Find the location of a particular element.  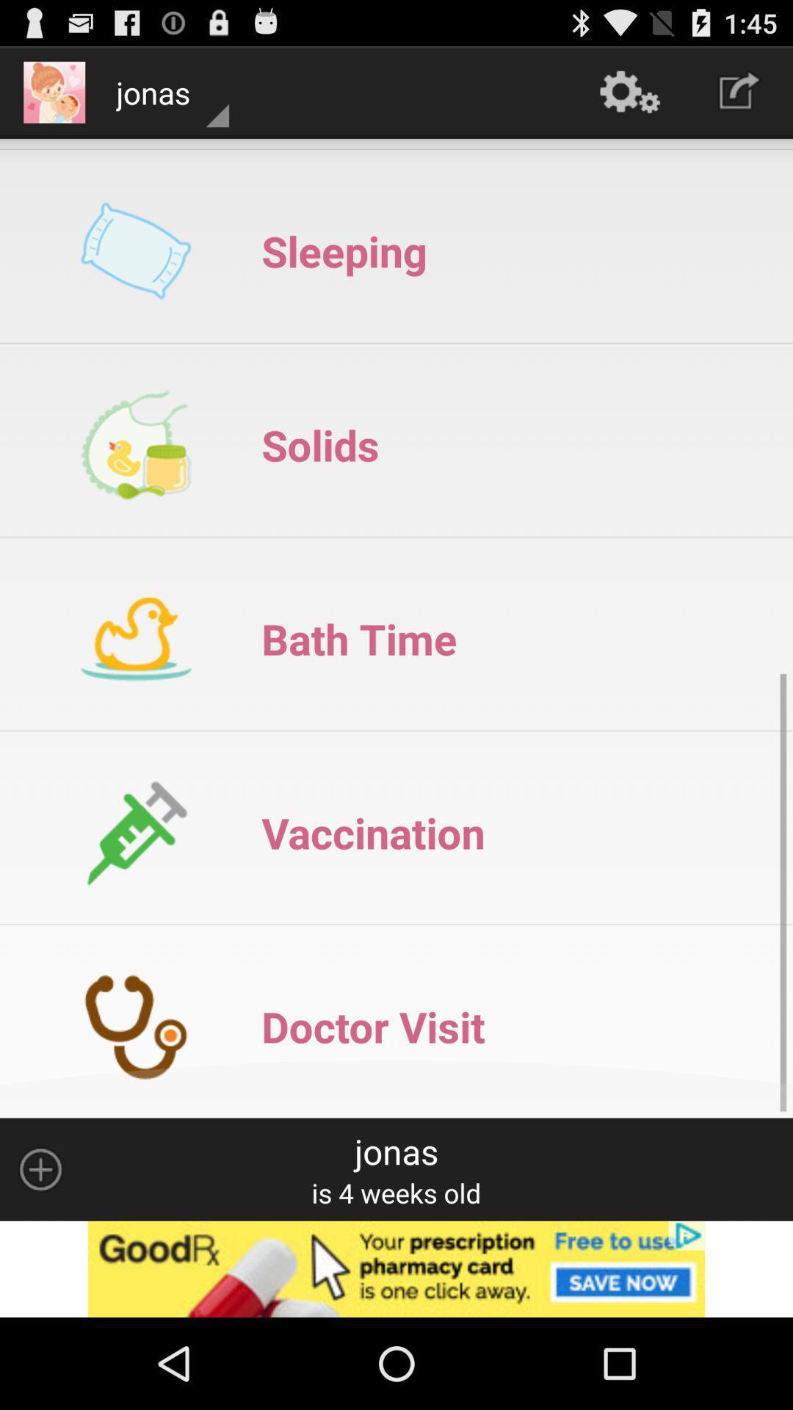

the add icon is located at coordinates (40, 1251).